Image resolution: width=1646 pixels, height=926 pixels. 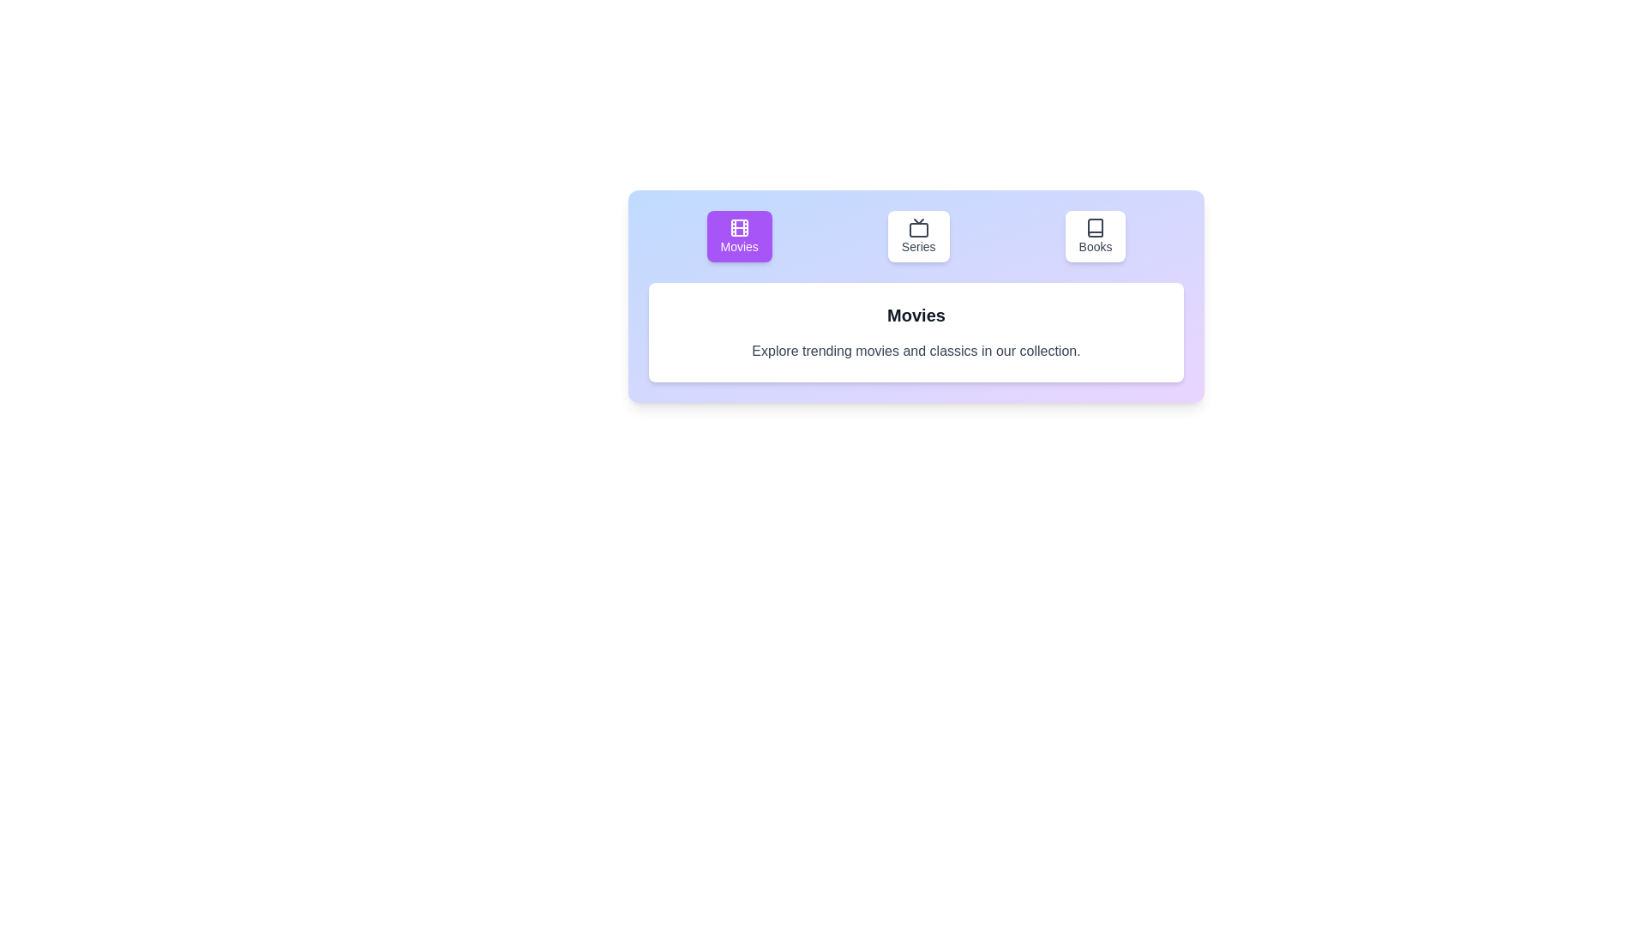 What do you see at coordinates (917, 237) in the screenshot?
I see `the tab labeled Series to observe its hover effect` at bounding box center [917, 237].